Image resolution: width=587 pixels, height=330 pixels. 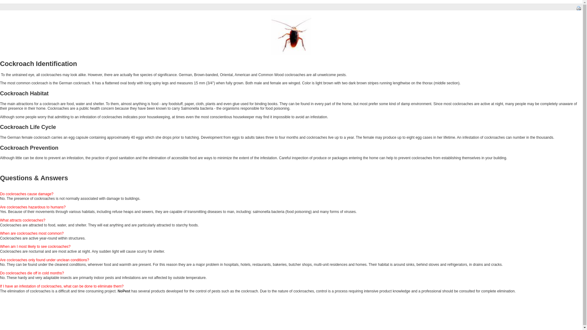 I want to click on 'Cockroach', so click(x=271, y=35).